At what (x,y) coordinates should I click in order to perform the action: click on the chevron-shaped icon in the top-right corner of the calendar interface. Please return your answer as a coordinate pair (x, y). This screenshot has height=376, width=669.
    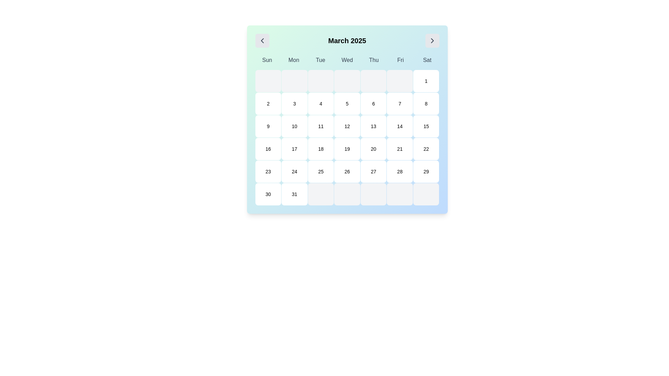
    Looking at the image, I should click on (432, 40).